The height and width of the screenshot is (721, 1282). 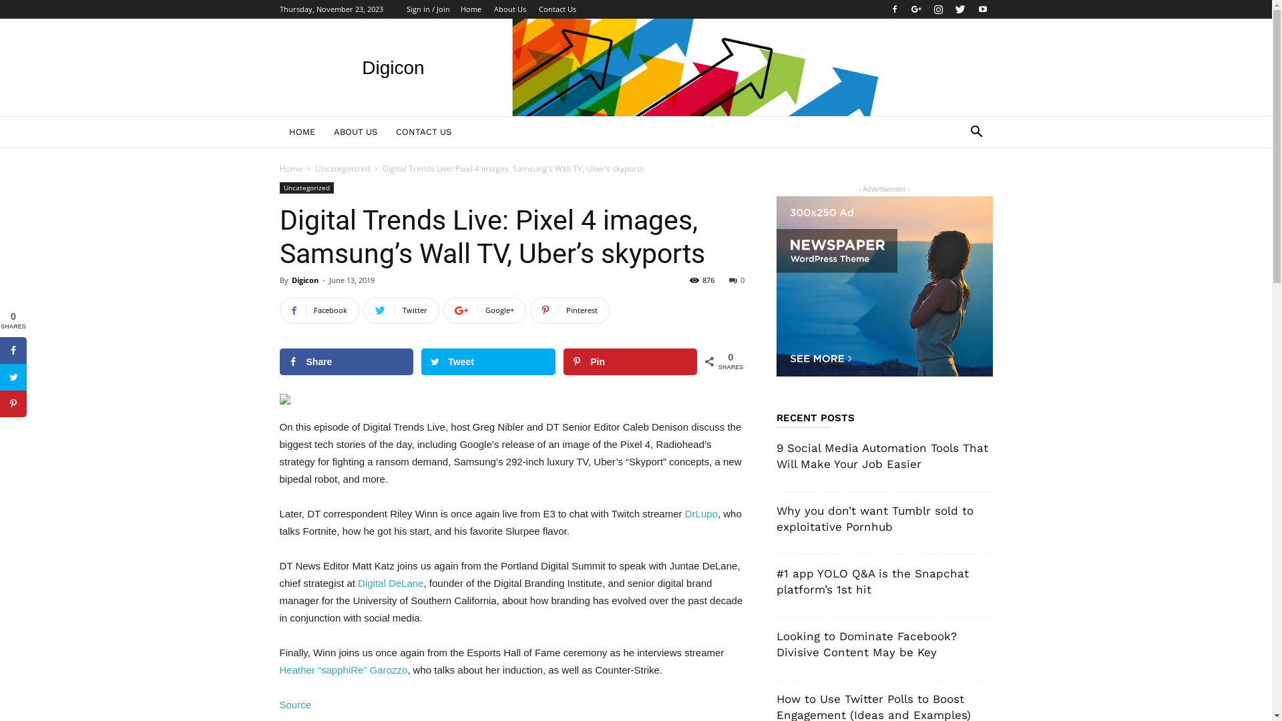 I want to click on 'Contact Us', so click(x=538, y=9).